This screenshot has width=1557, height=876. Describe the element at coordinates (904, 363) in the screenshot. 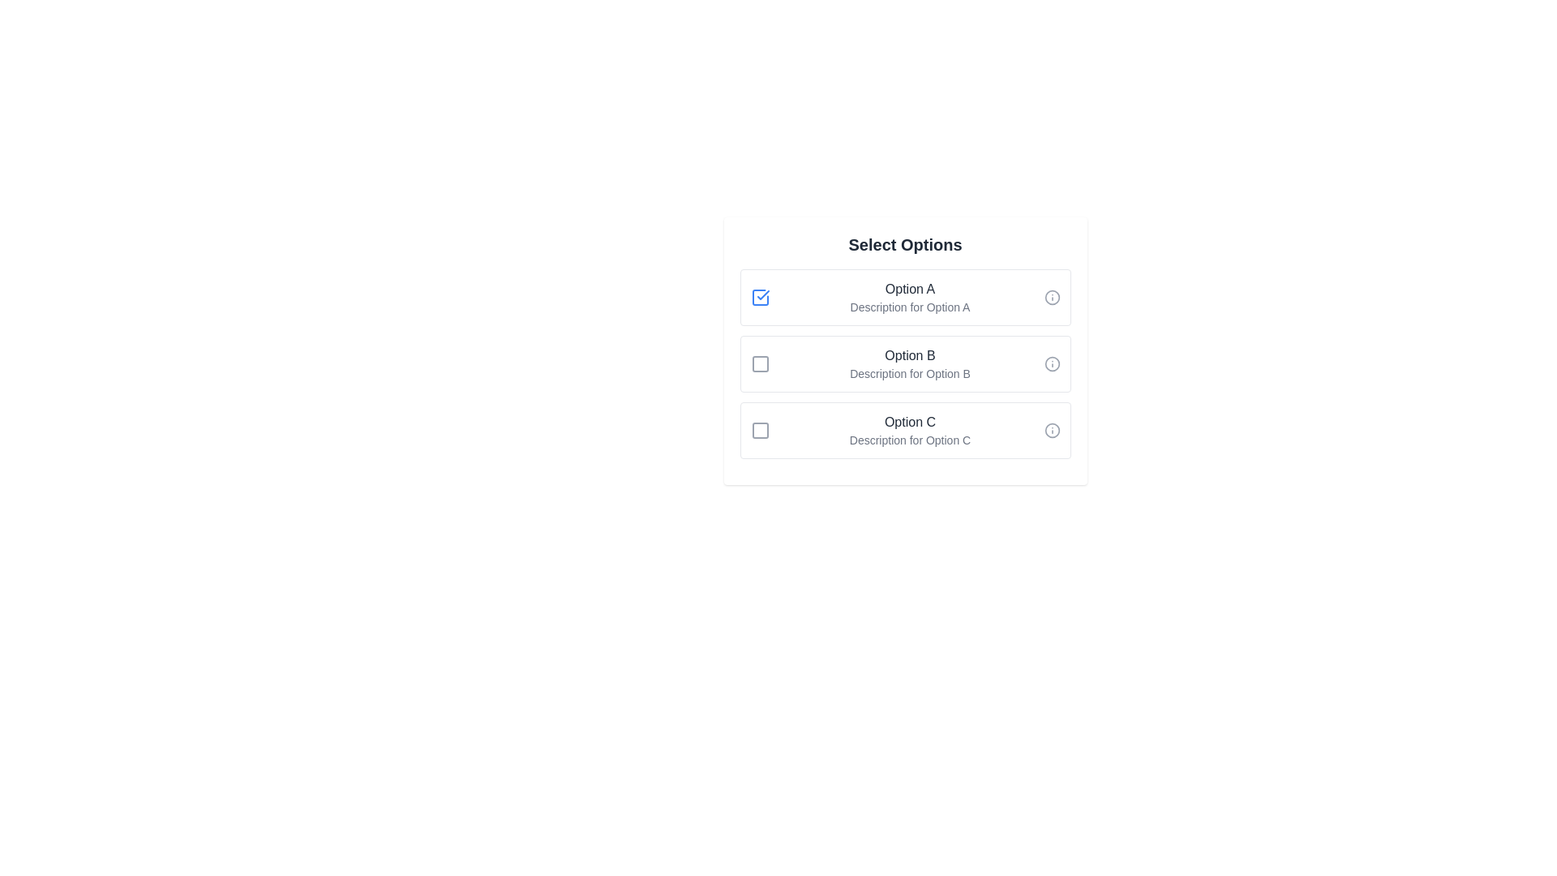

I see `the item corresponding to Option B to highlight it` at that location.